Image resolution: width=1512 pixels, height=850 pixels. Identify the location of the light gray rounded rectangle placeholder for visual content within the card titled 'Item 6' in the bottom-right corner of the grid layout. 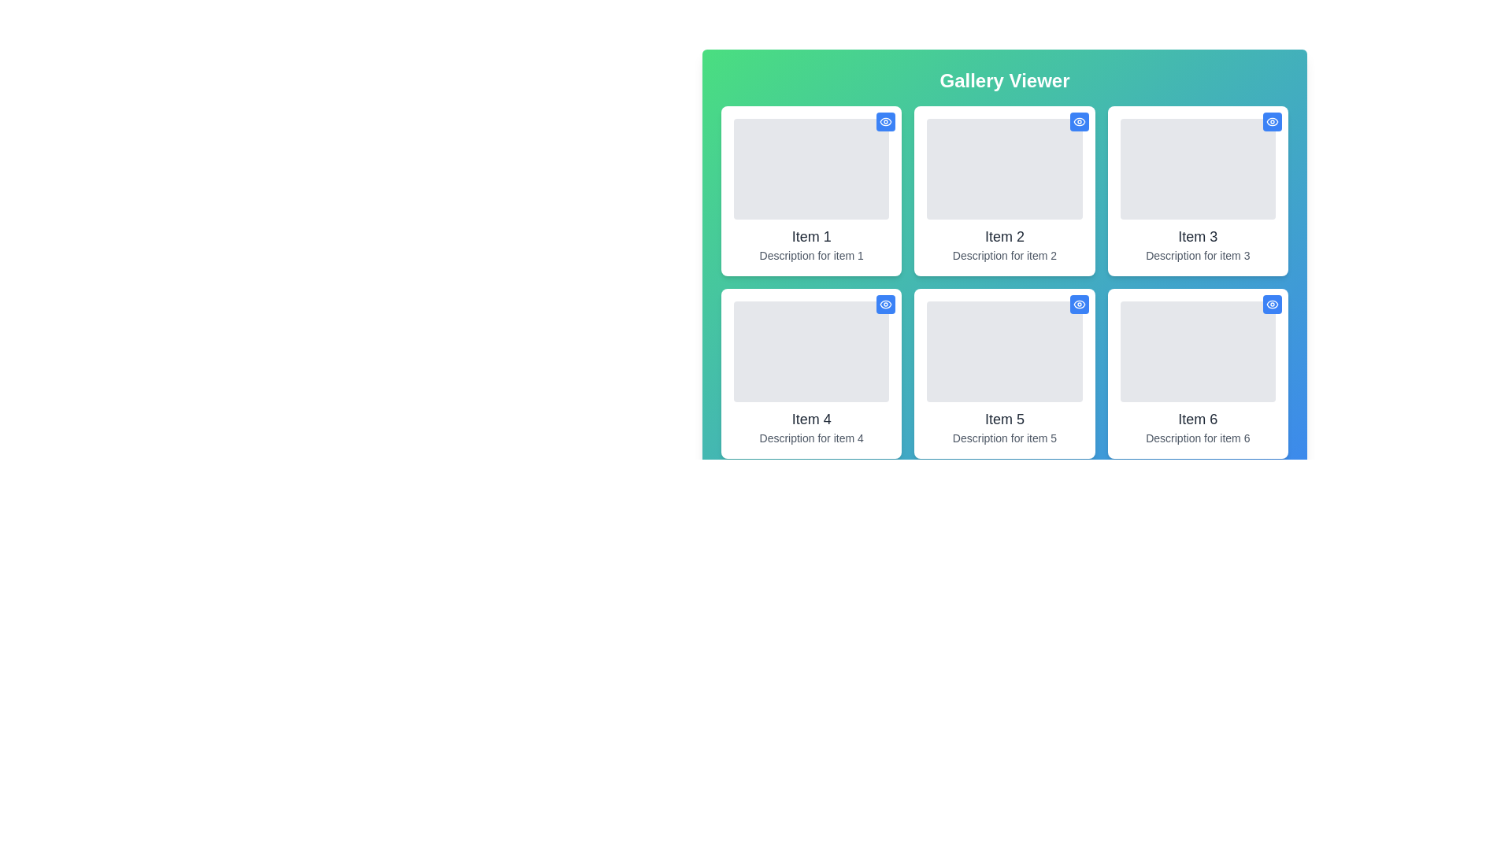
(1197, 351).